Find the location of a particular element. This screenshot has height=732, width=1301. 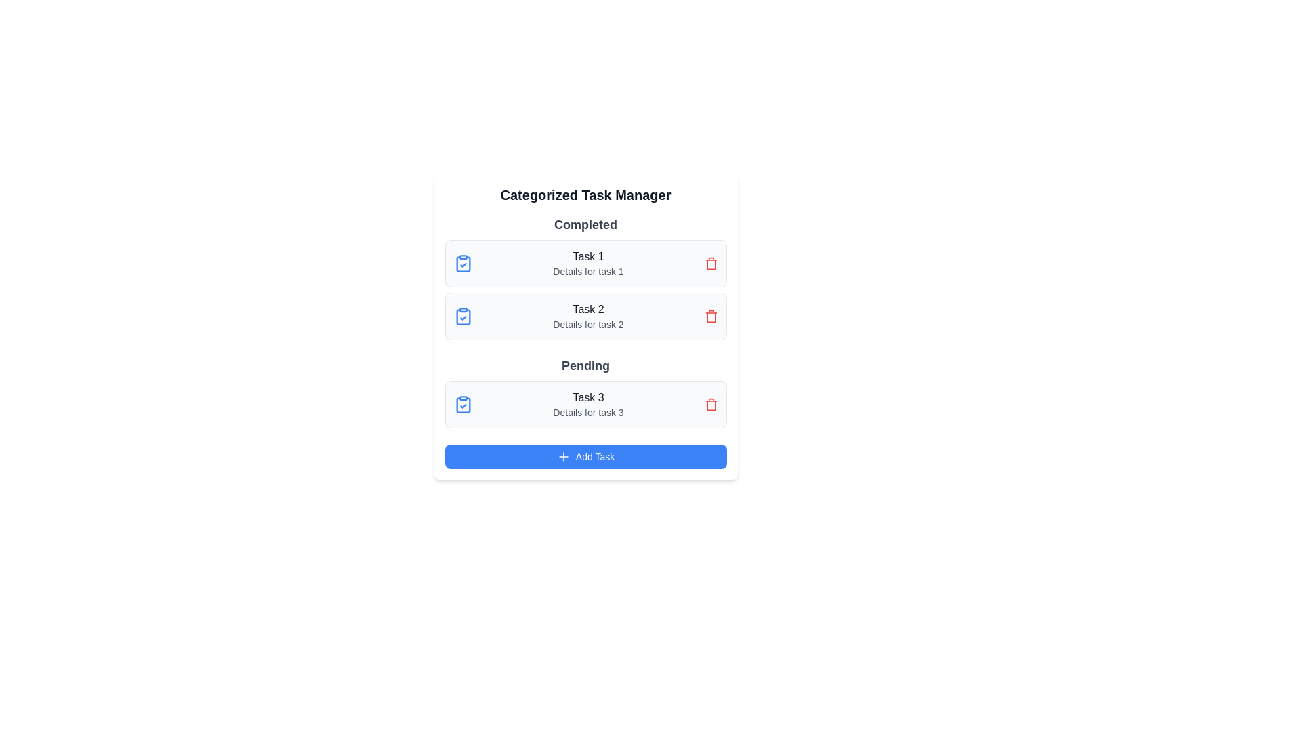

the 'Add Task' button to add a new task is located at coordinates (585, 457).